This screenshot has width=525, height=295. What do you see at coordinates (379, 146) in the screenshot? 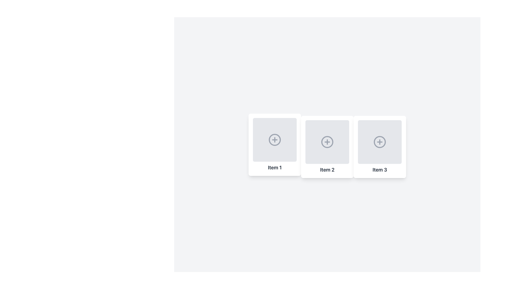
I see `the third item card in the horizontal list` at bounding box center [379, 146].